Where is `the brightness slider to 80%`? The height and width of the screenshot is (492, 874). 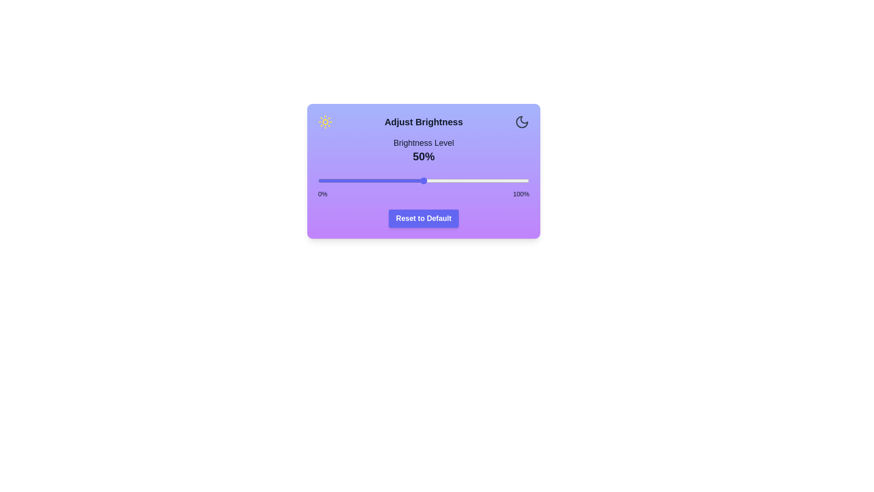 the brightness slider to 80% is located at coordinates (487, 181).